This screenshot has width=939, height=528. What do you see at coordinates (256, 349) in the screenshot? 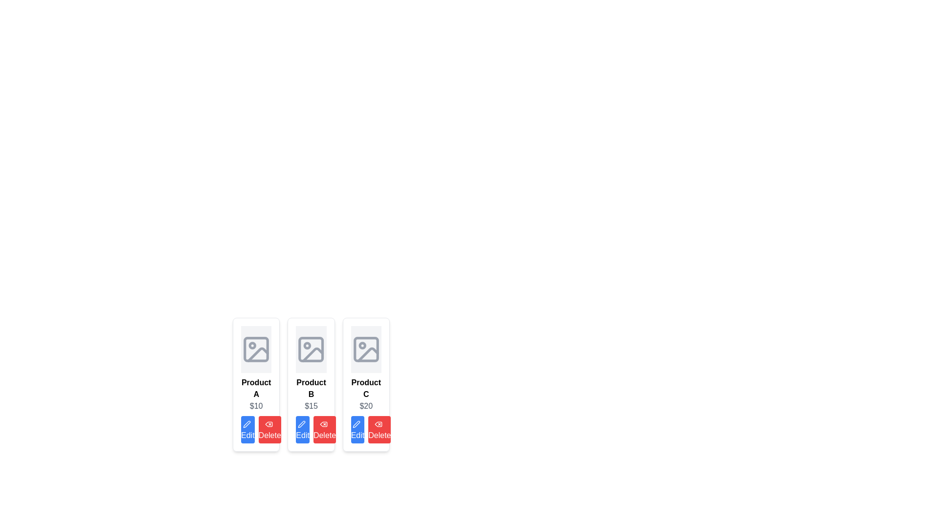
I see `the image placeholder with rounded corners, which is the leftmost rectangle in a row of three, located above the descriptive text 'Product A'` at bounding box center [256, 349].